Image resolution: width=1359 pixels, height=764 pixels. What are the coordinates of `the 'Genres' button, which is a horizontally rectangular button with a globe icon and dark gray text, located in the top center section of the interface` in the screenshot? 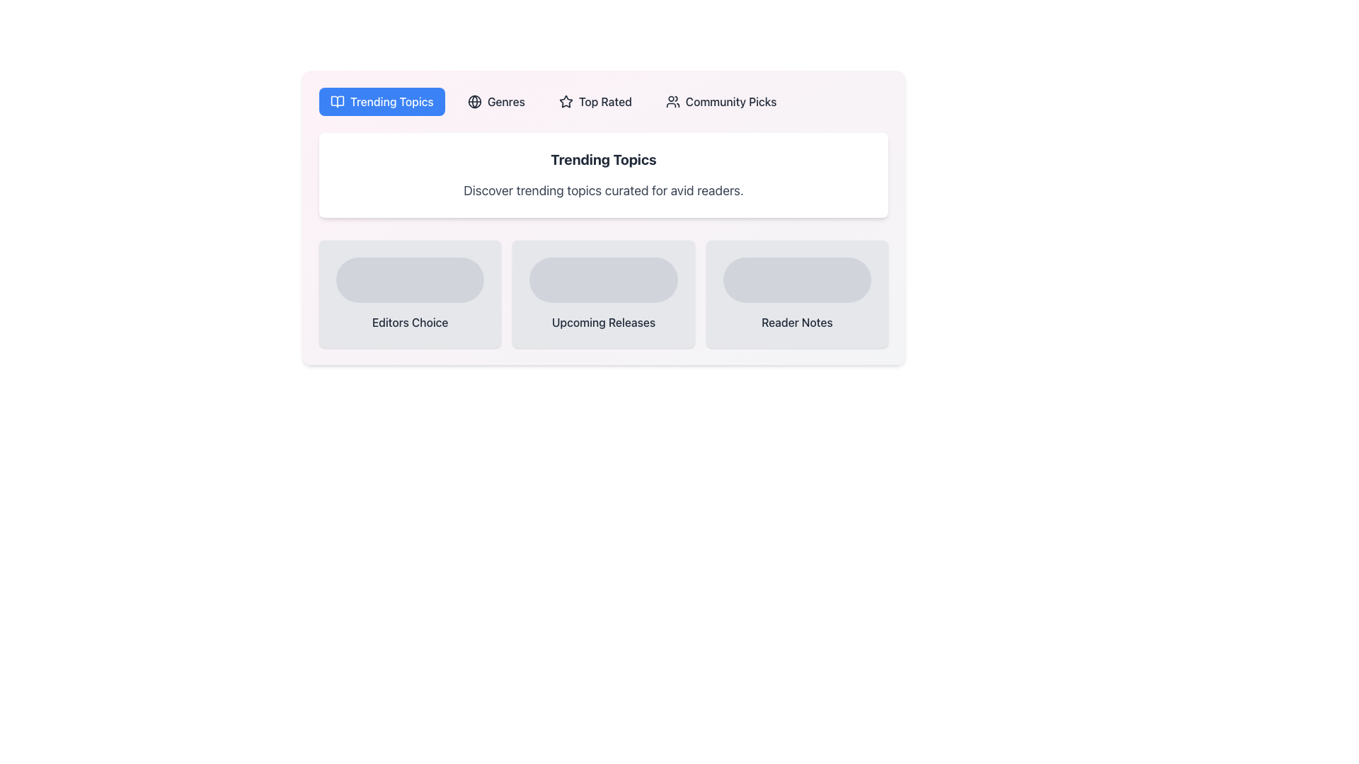 It's located at (495, 100).